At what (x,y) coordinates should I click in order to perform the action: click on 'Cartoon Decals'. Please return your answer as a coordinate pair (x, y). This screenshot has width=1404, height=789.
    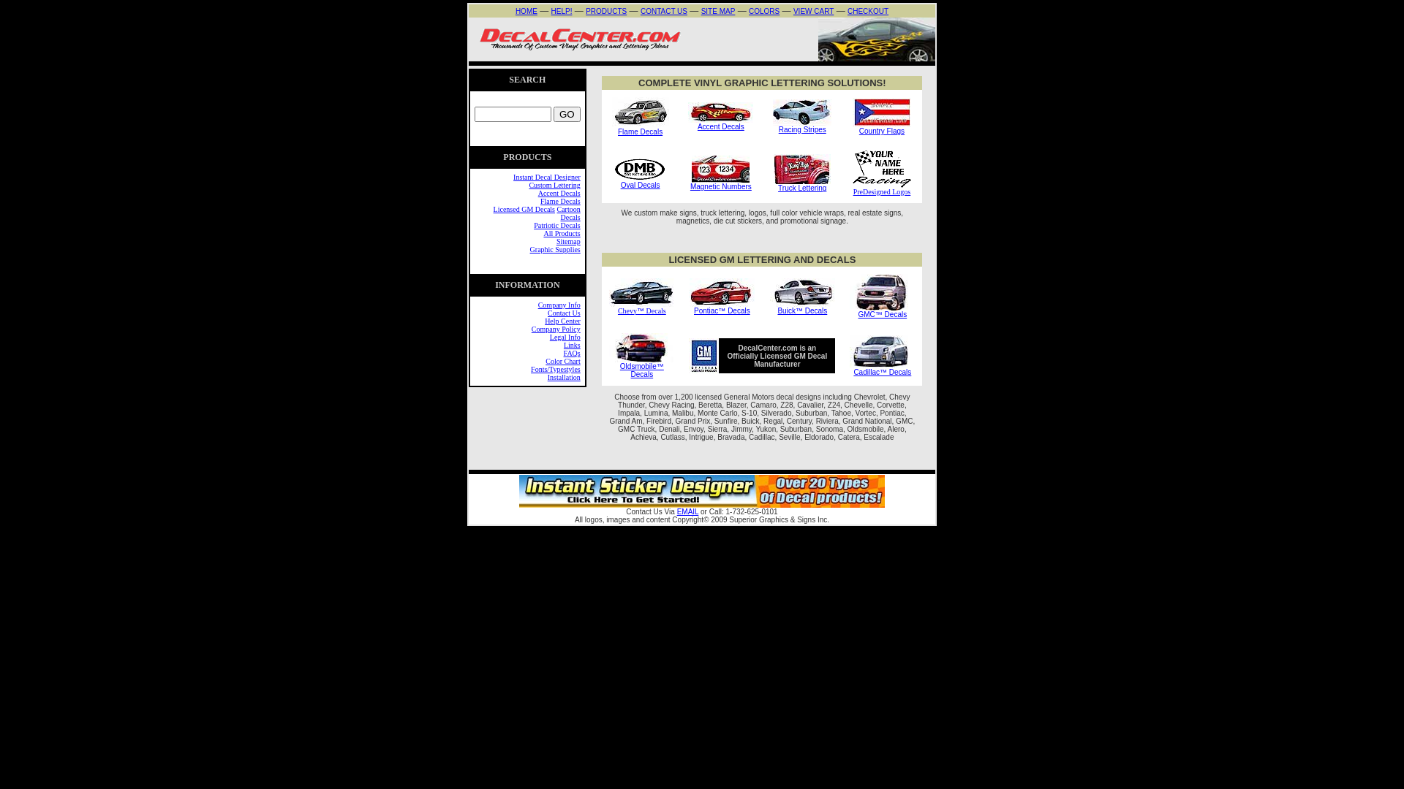
    Looking at the image, I should click on (567, 213).